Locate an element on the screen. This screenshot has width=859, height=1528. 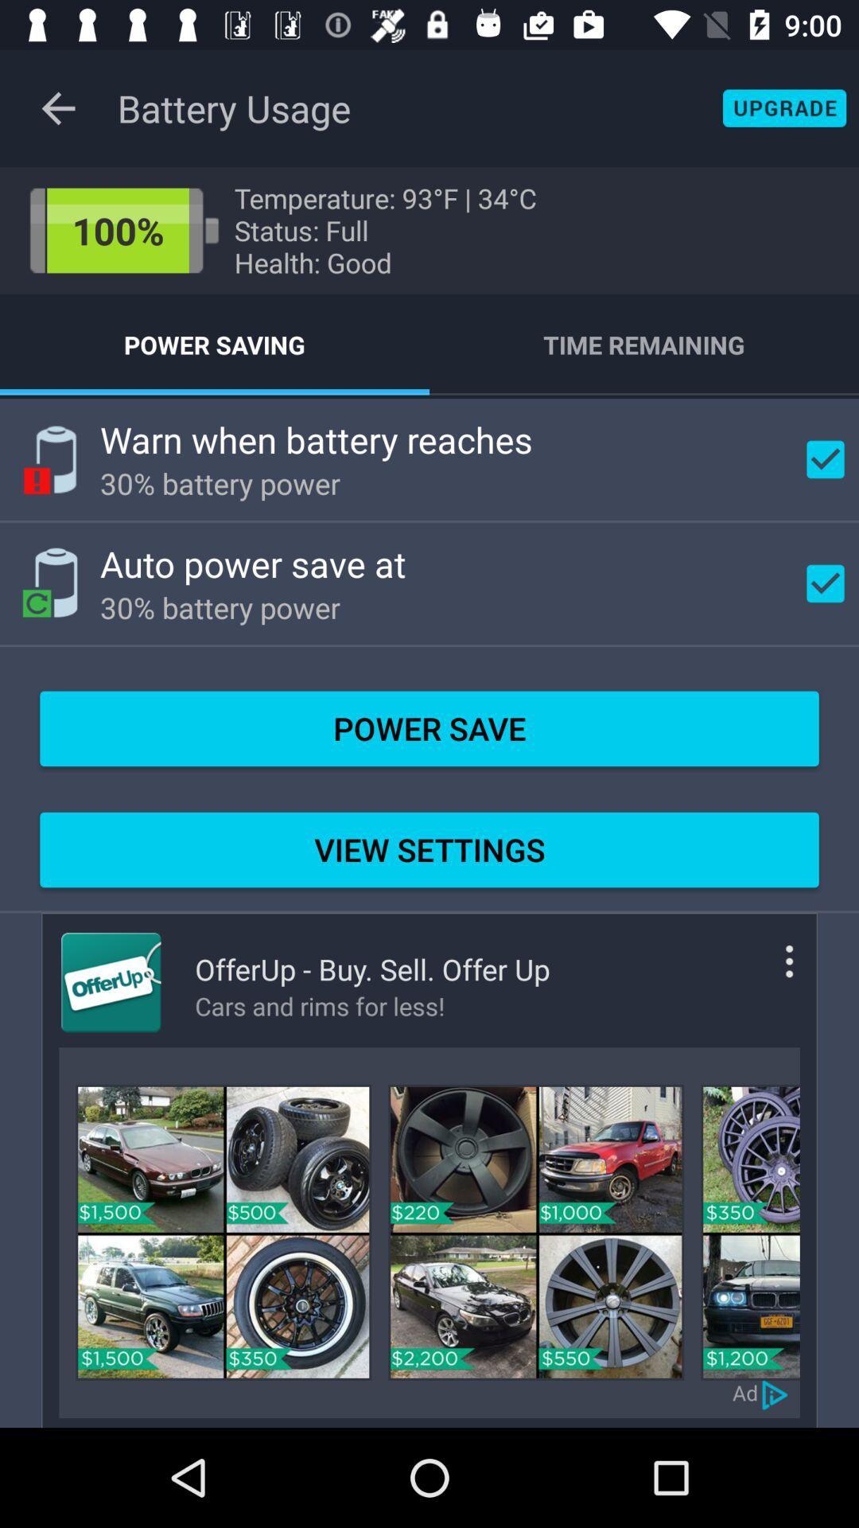
settings is located at coordinates (765, 973).